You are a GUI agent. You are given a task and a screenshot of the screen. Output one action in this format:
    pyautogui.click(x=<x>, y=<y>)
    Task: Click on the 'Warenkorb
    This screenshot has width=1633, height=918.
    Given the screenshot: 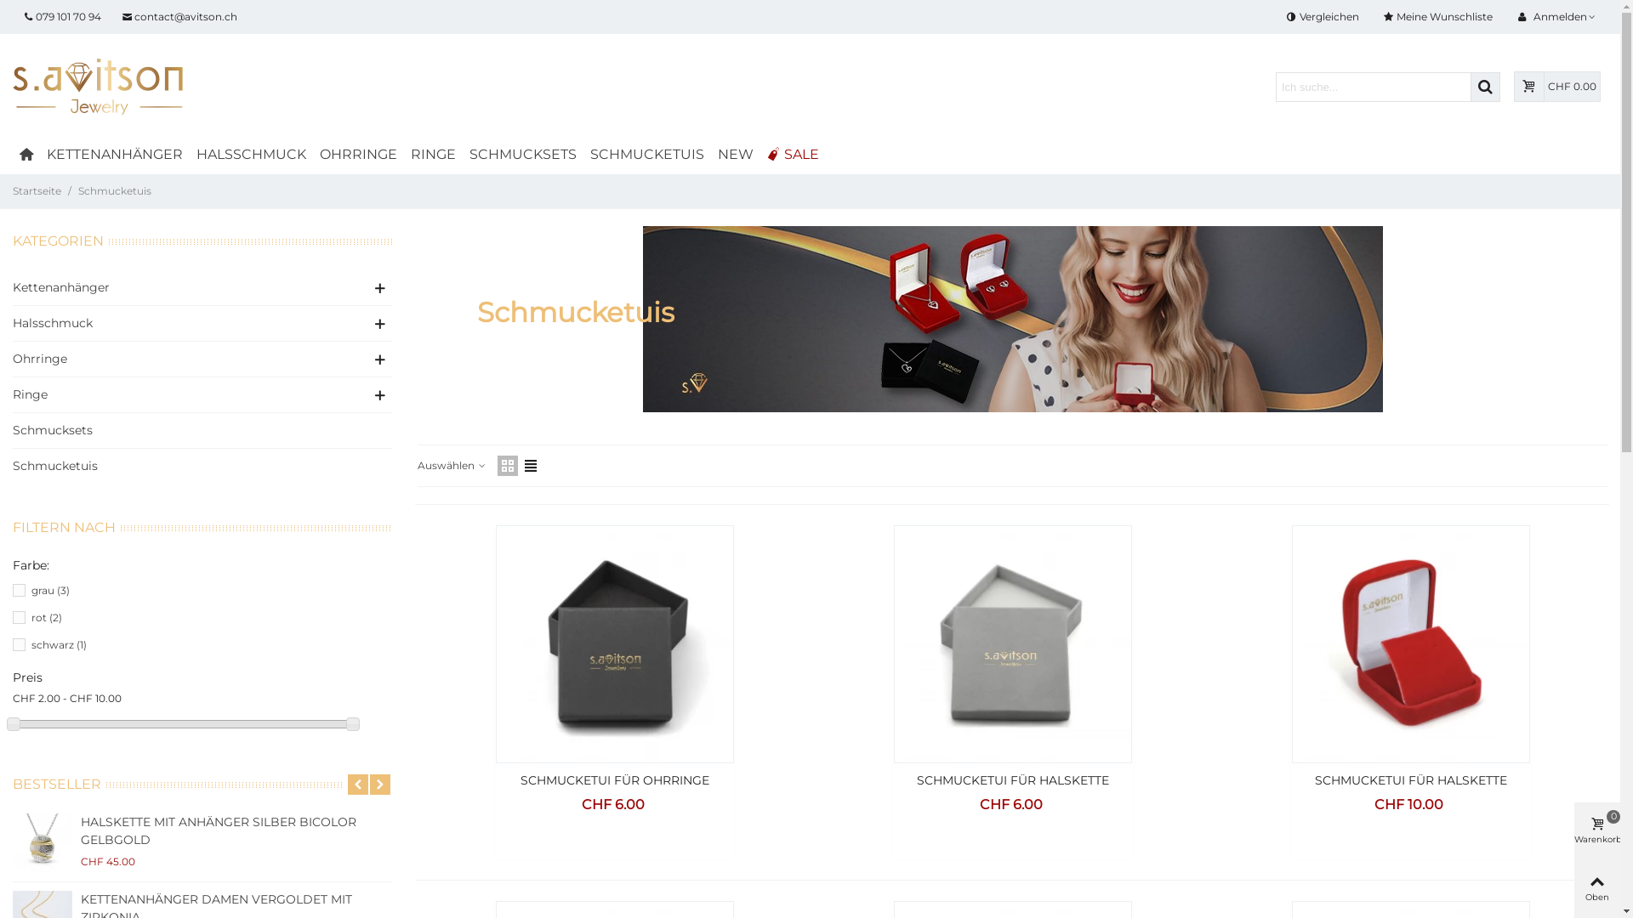 What is the action you would take?
    pyautogui.click(x=1596, y=830)
    